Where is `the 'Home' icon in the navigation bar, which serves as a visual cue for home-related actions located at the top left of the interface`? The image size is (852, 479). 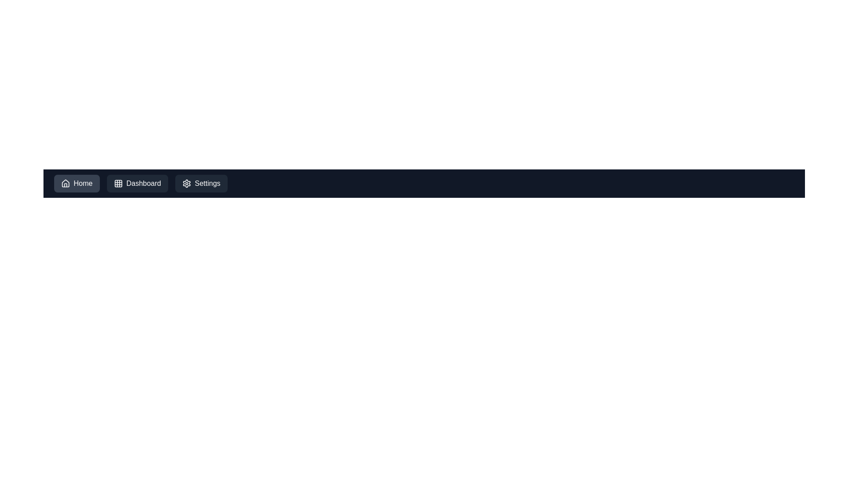 the 'Home' icon in the navigation bar, which serves as a visual cue for home-related actions located at the top left of the interface is located at coordinates (65, 183).